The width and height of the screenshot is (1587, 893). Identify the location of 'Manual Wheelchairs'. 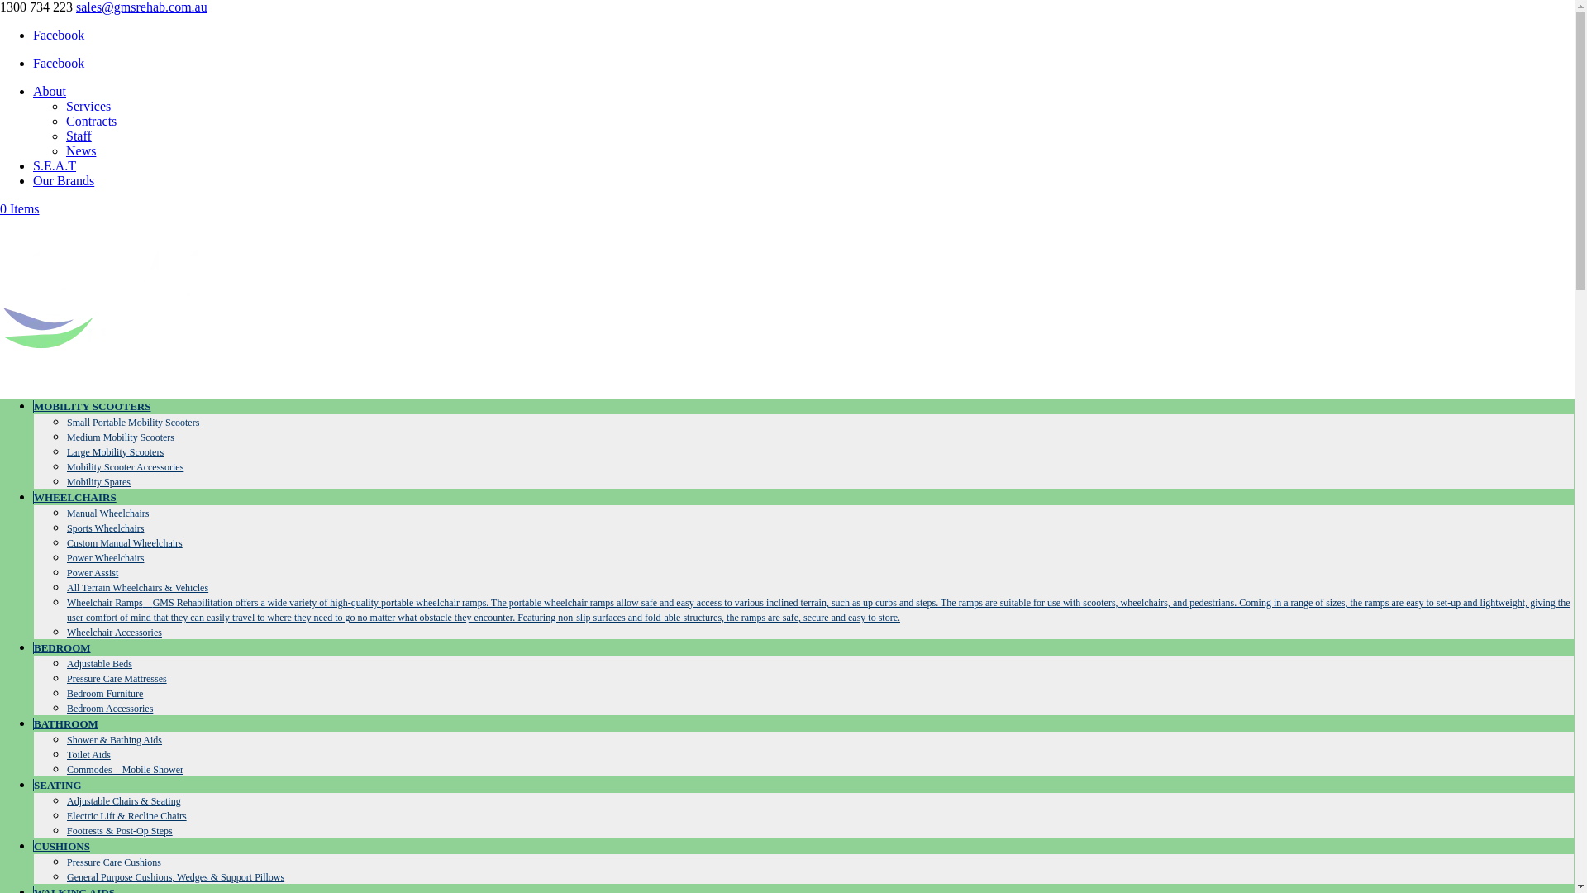
(107, 513).